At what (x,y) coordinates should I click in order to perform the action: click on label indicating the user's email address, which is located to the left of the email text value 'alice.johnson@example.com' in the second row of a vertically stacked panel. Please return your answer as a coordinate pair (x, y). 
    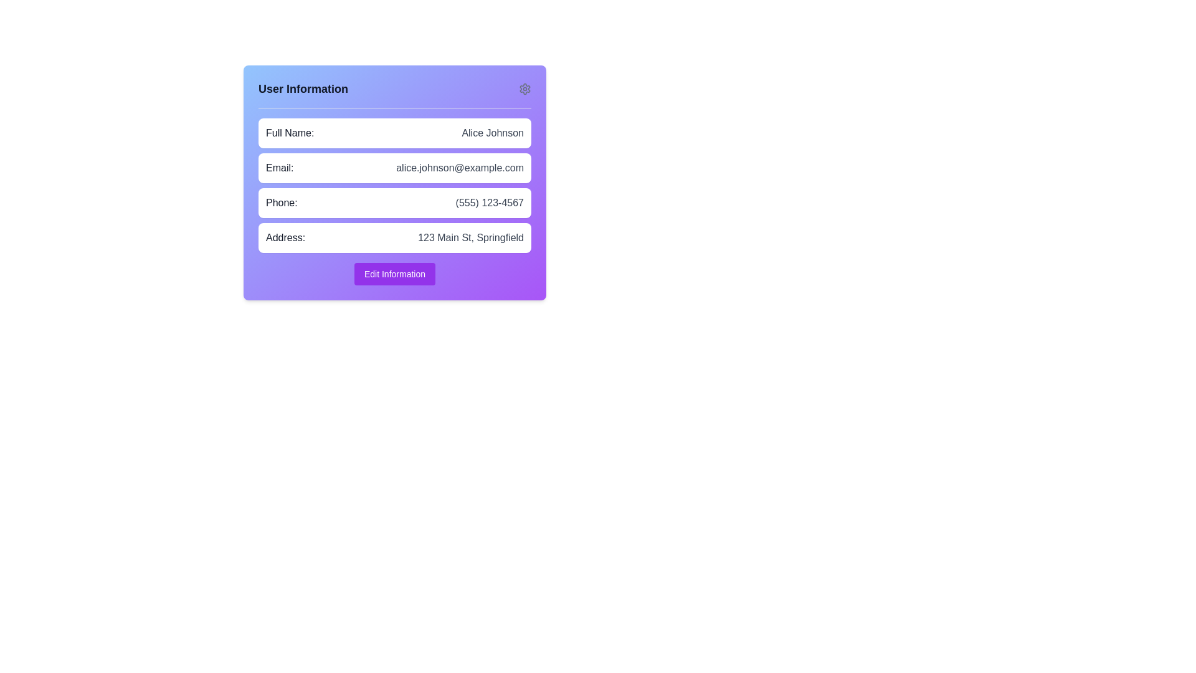
    Looking at the image, I should click on (279, 168).